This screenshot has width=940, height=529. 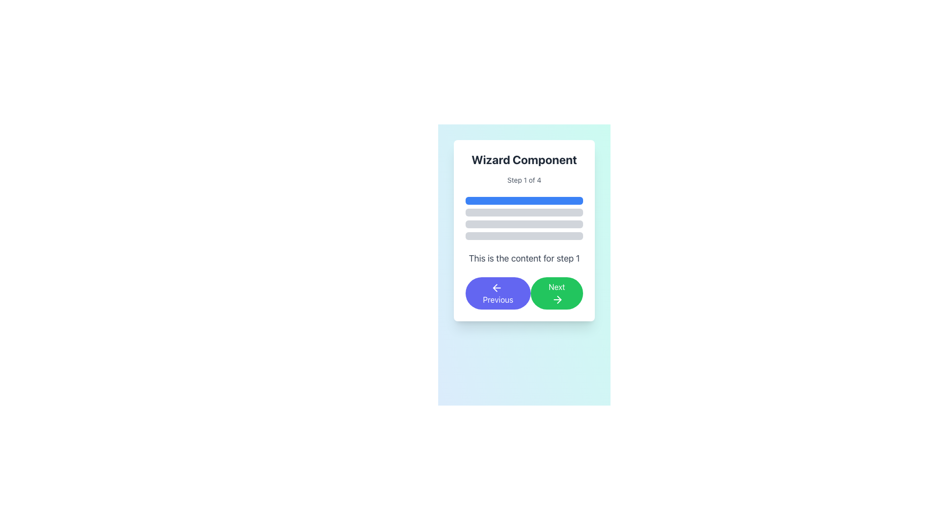 What do you see at coordinates (523, 200) in the screenshot?
I see `the first progress indicator in the vertical list, which displays the active step in a wizard interface` at bounding box center [523, 200].